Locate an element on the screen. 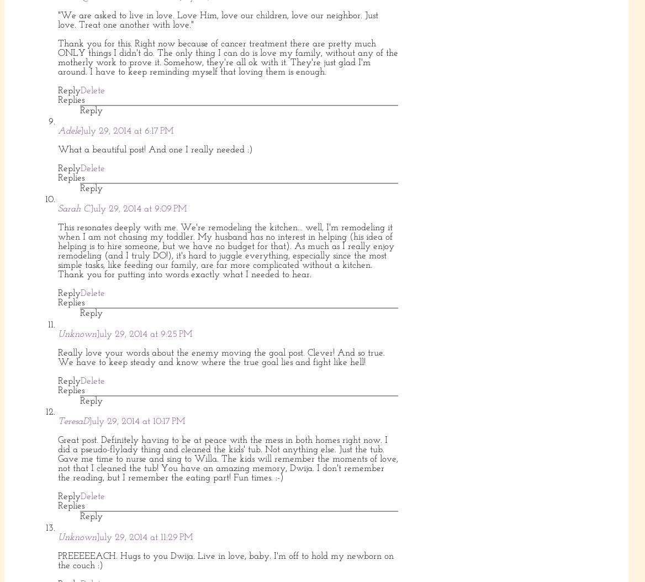 The width and height of the screenshot is (645, 582). '"We are asked to live in love.  Love Him, love our children, love our neighbor.  Just love.  Treat one another with love."' is located at coordinates (57, 20).